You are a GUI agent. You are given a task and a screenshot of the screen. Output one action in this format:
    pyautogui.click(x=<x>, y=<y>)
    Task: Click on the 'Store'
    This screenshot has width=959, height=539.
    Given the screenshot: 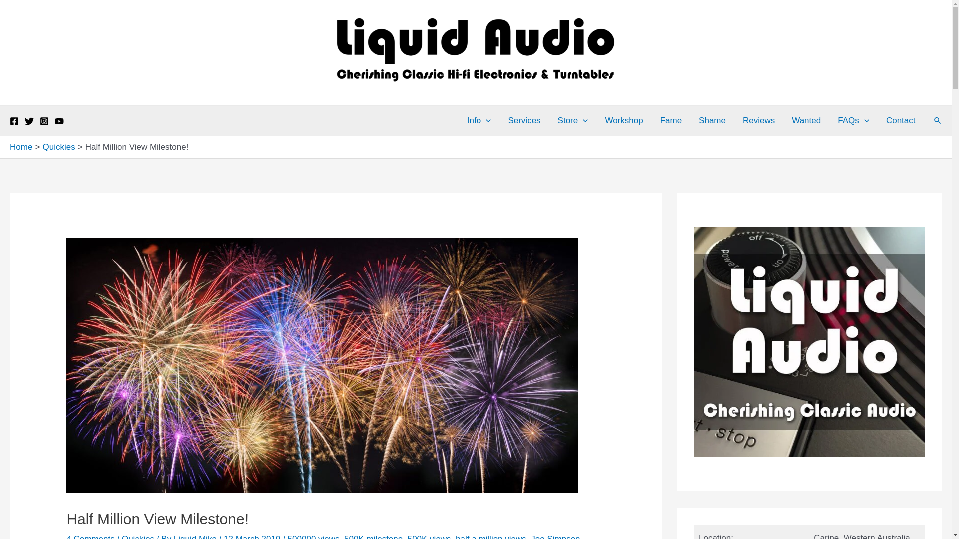 What is the action you would take?
    pyautogui.click(x=573, y=120)
    